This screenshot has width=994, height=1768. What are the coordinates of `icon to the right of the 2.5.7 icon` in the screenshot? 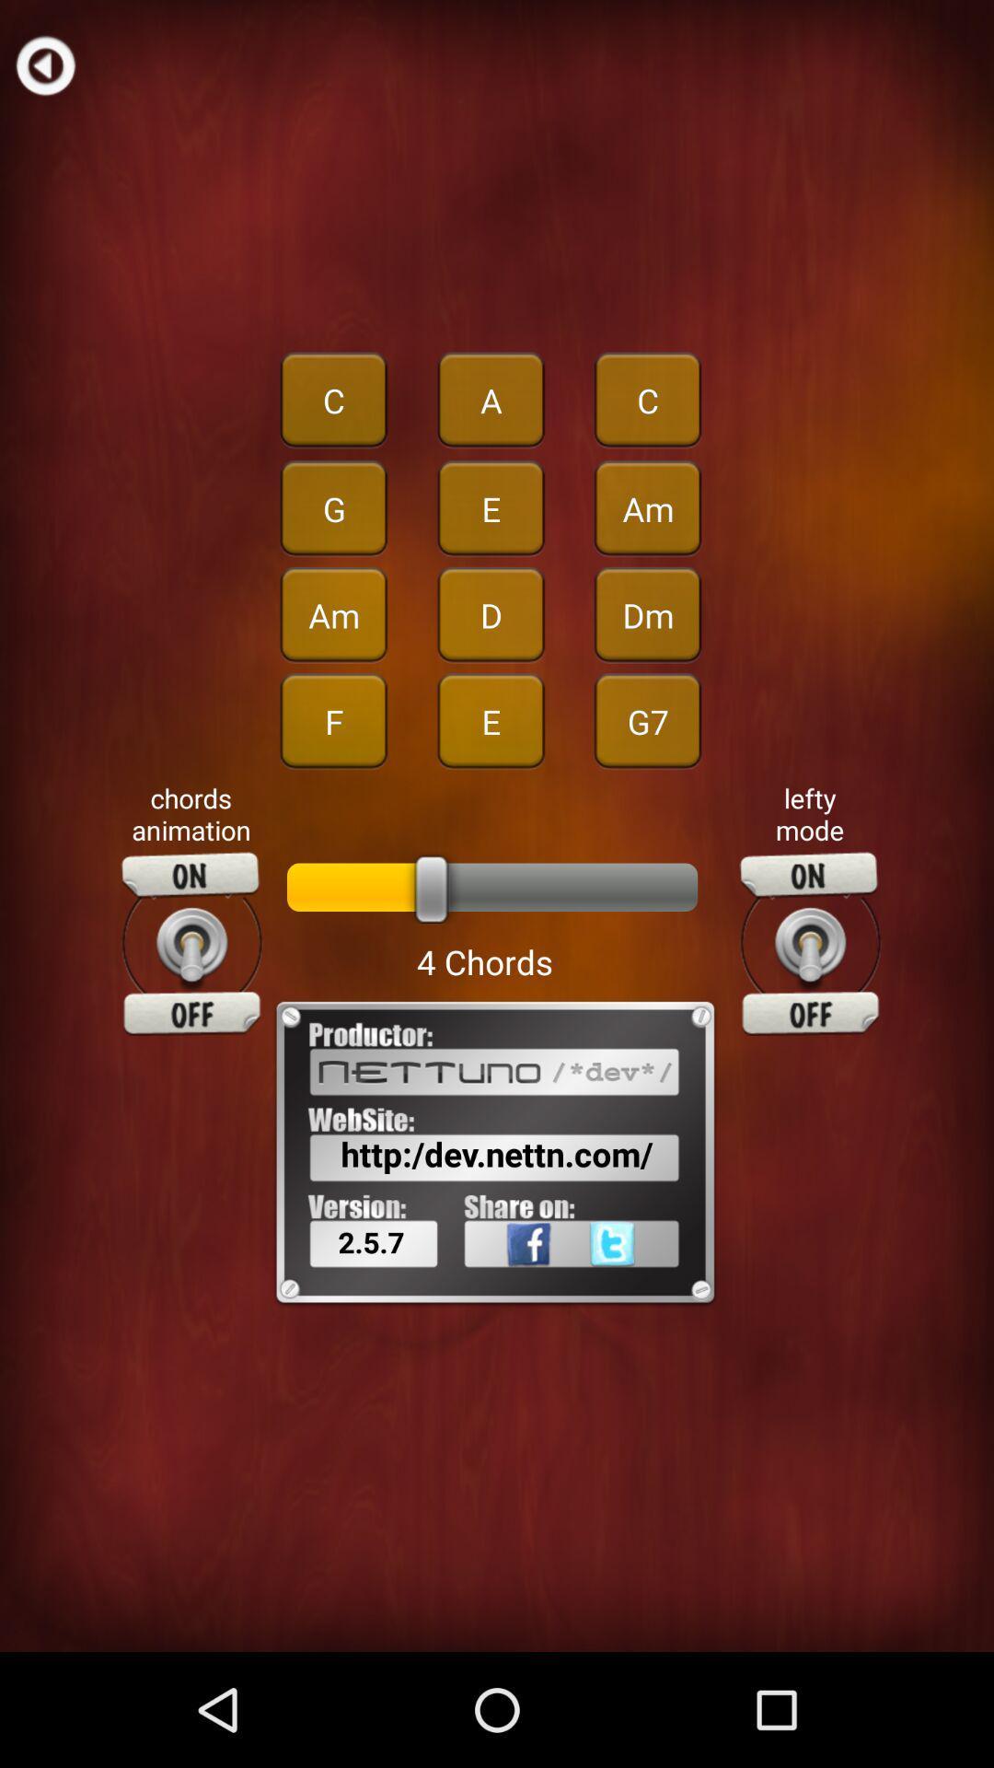 It's located at (641, 1284).